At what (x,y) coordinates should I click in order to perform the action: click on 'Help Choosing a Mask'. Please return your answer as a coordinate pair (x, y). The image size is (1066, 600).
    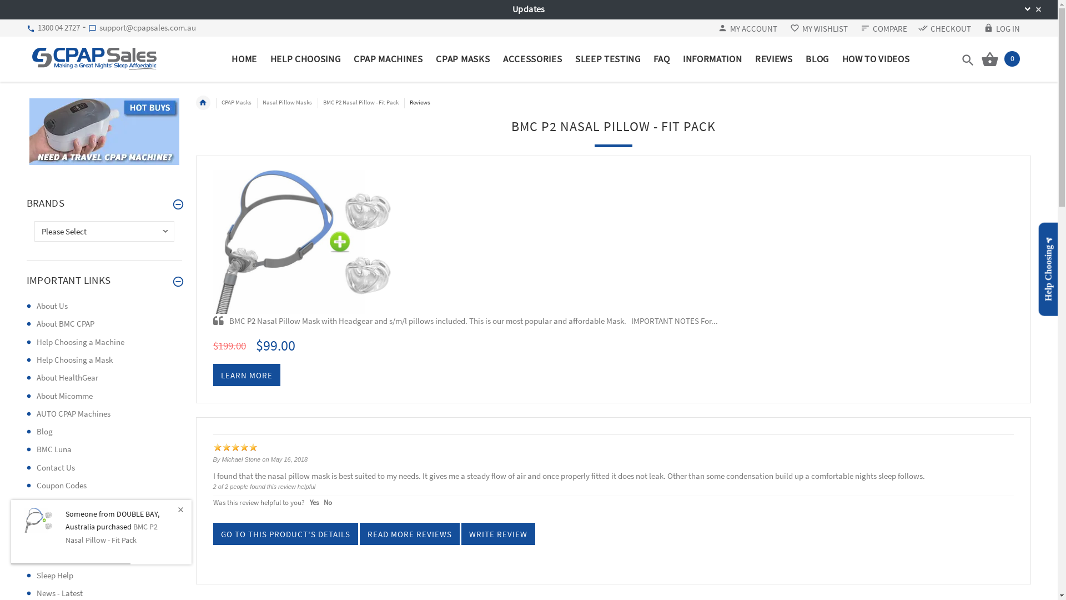
    Looking at the image, I should click on (74, 359).